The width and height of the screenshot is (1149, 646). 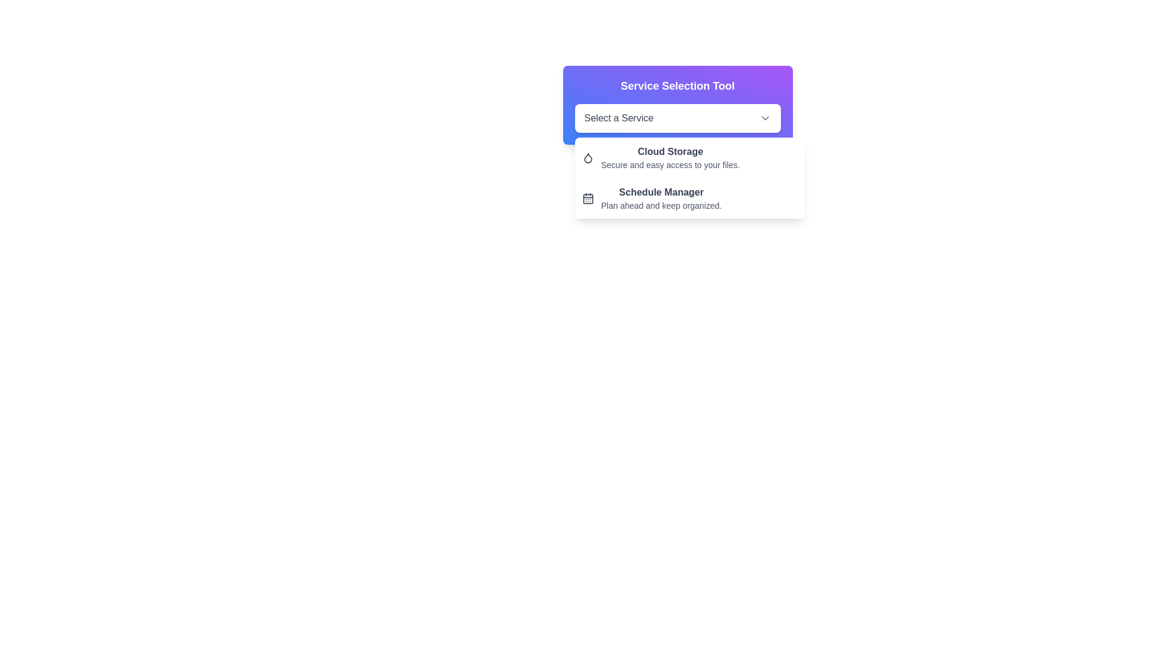 I want to click on the small black and white calendar icon located to the left of the 'Schedule Manager' text in the dropdown menu, so click(x=588, y=197).